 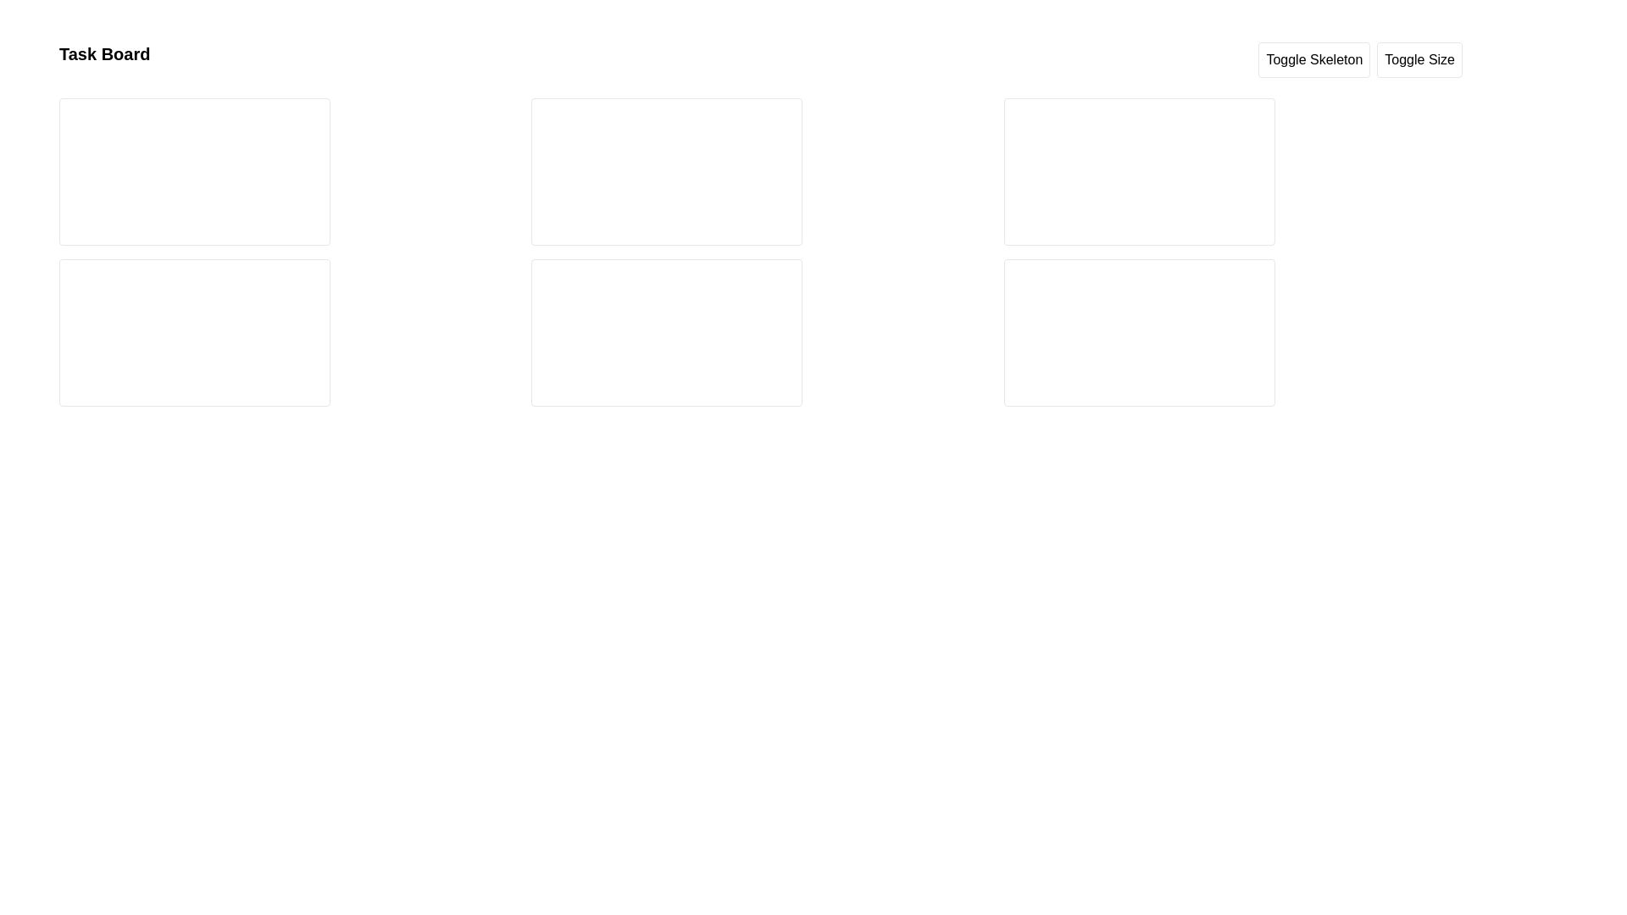 I want to click on the 'Skeleton' toggle button located at the top right section of the interface, so click(x=1313, y=58).